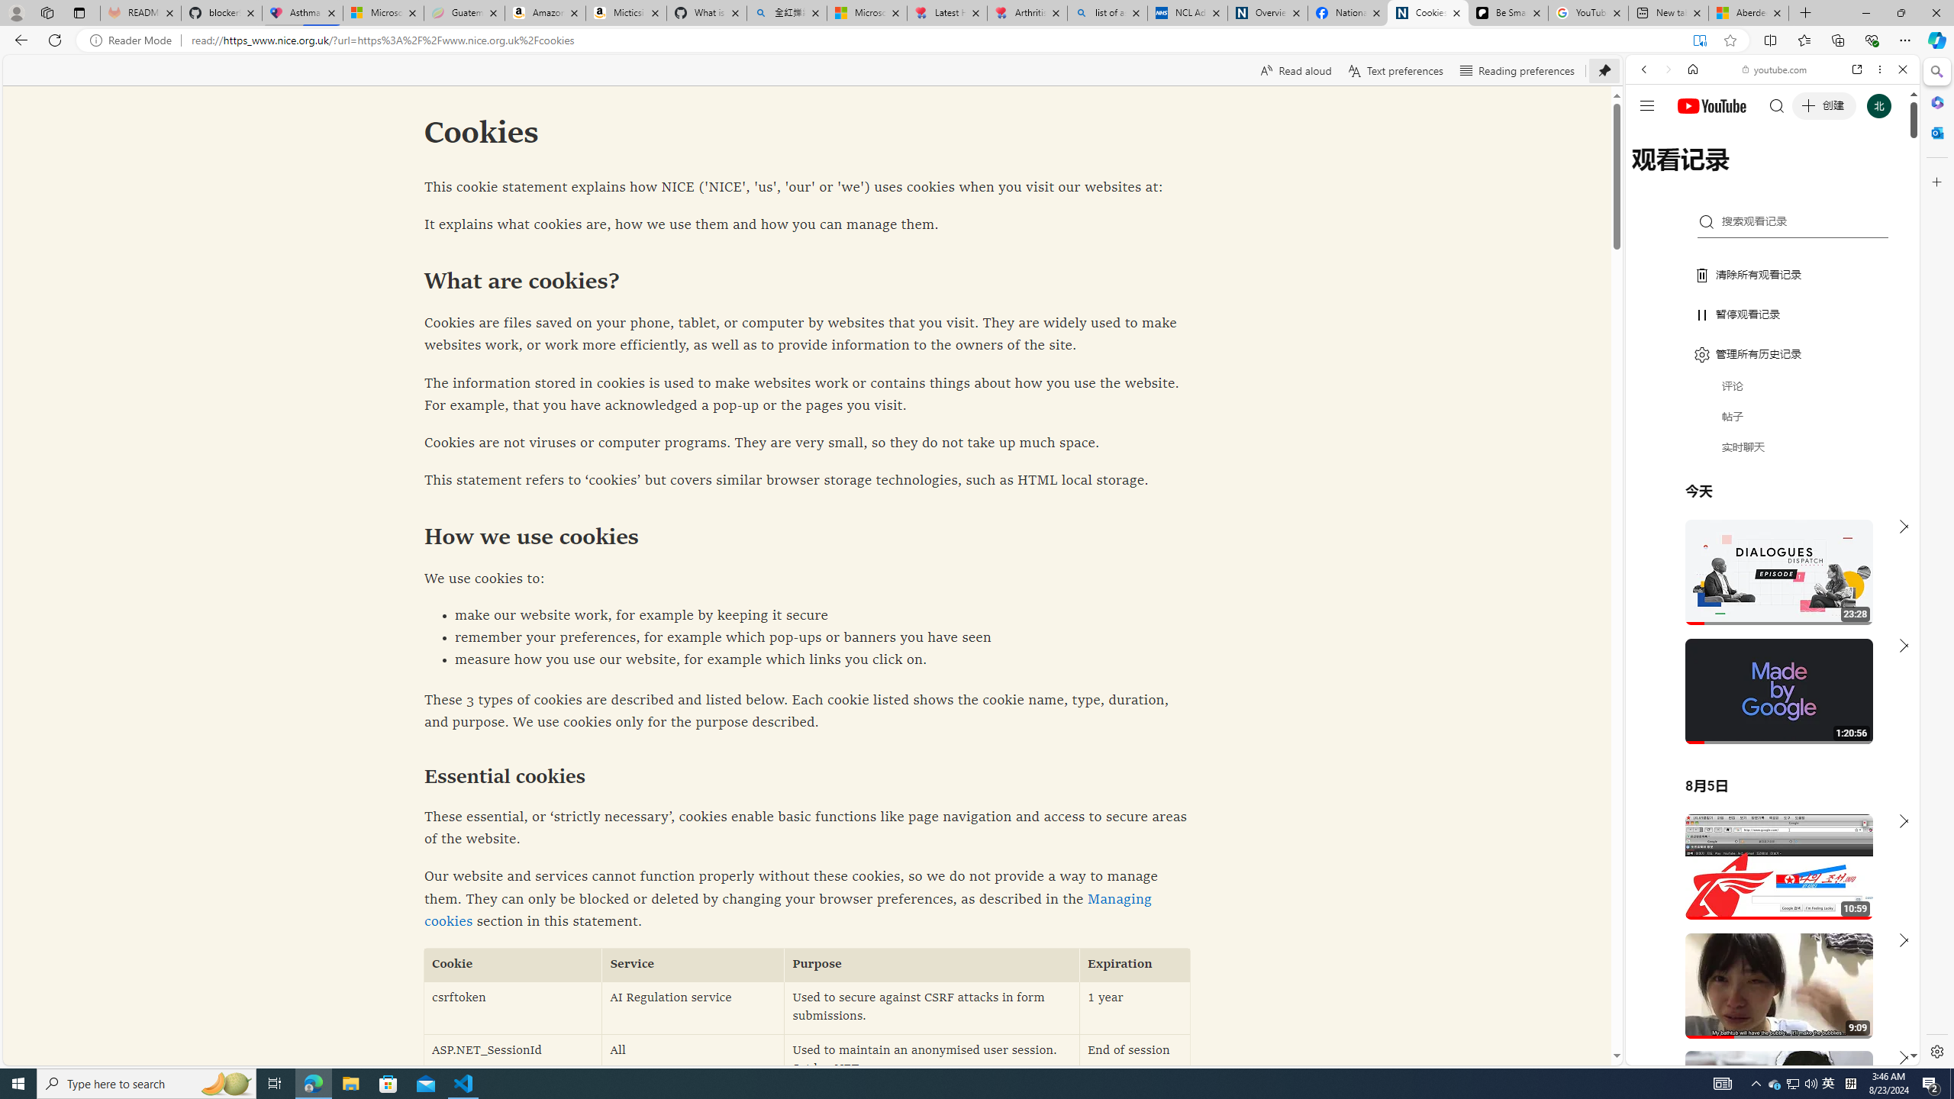  Describe the element at coordinates (513, 1061) in the screenshot. I see `'ASP.NET_SessionId'` at that location.